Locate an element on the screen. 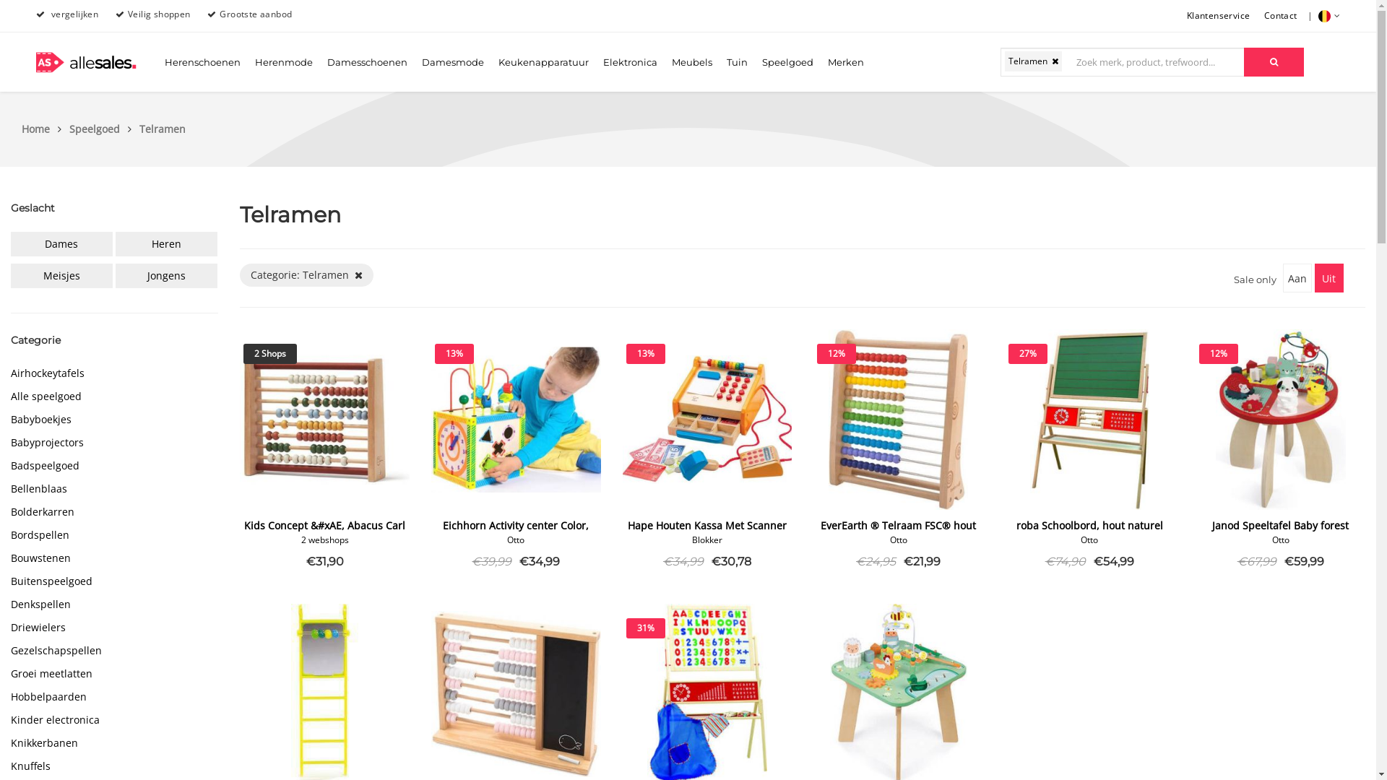 The height and width of the screenshot is (780, 1387). 'Janod Speeltafel Baby forest Activity tafel' is located at coordinates (1280, 534).